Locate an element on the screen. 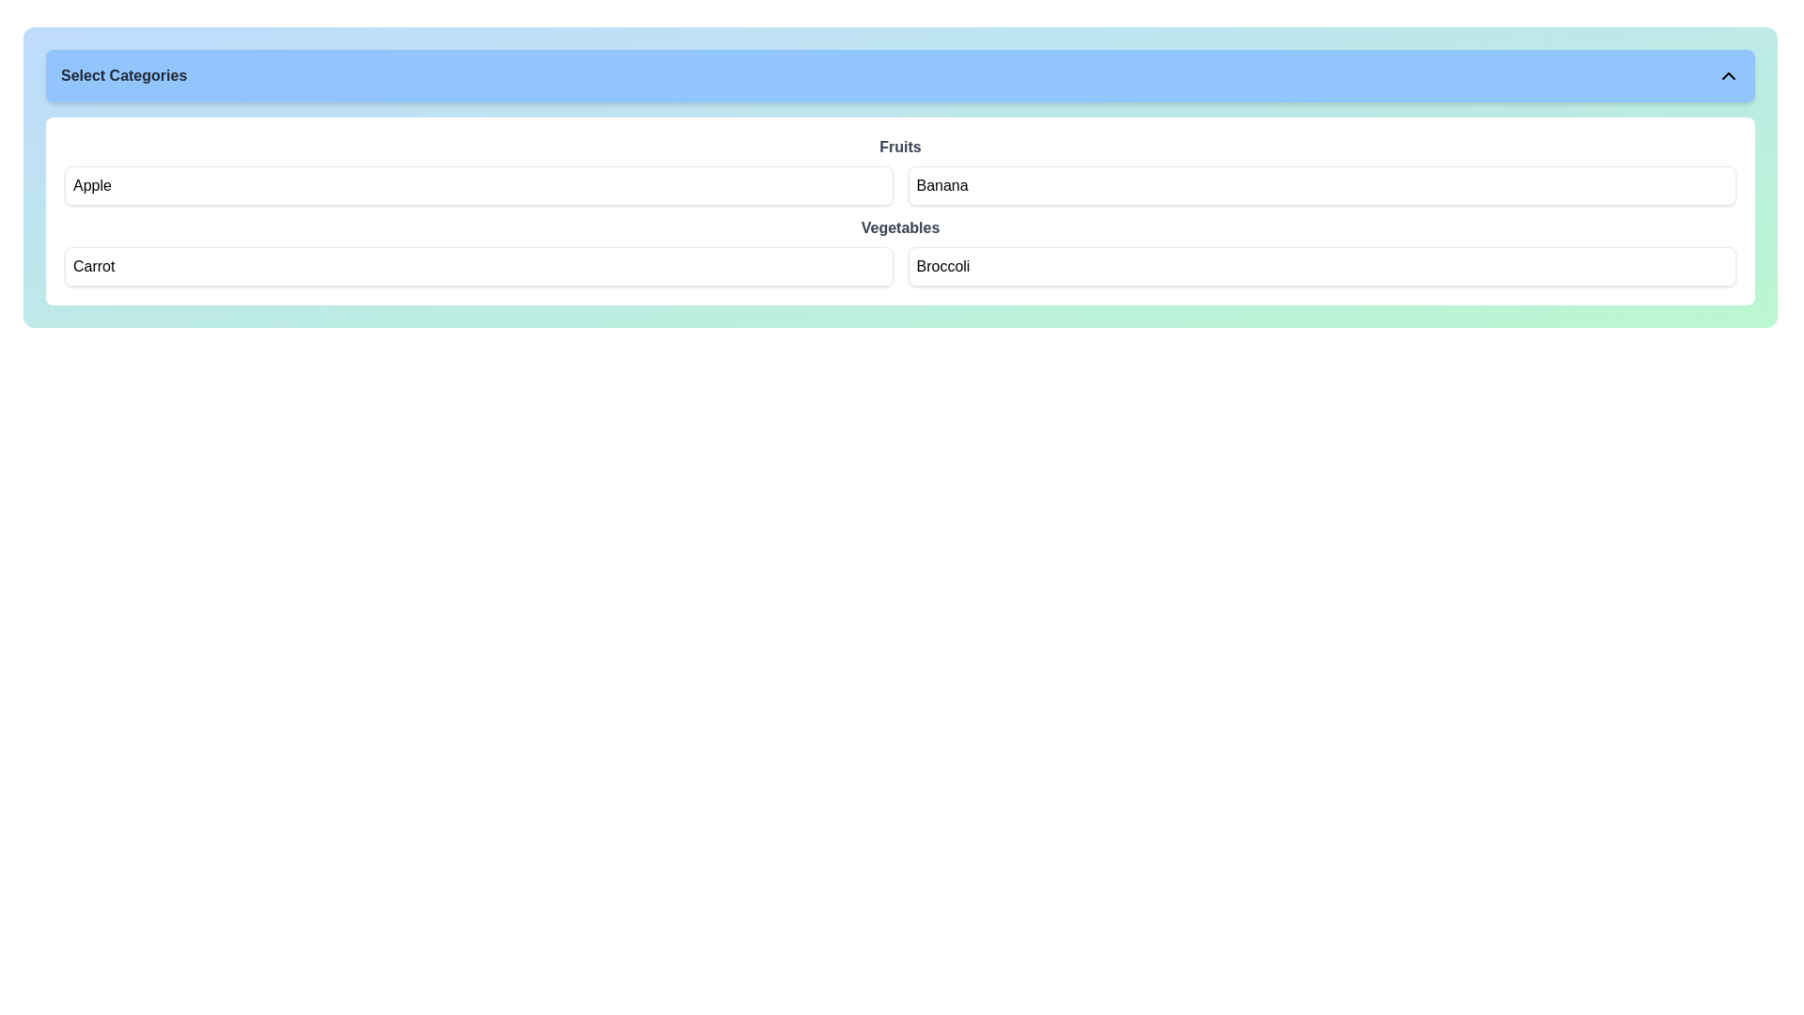  the grid layout containing selectable items for the 'Fruits' section, specifically the two interactive cards labeled 'Apple' and 'Banana' is located at coordinates (899, 185).